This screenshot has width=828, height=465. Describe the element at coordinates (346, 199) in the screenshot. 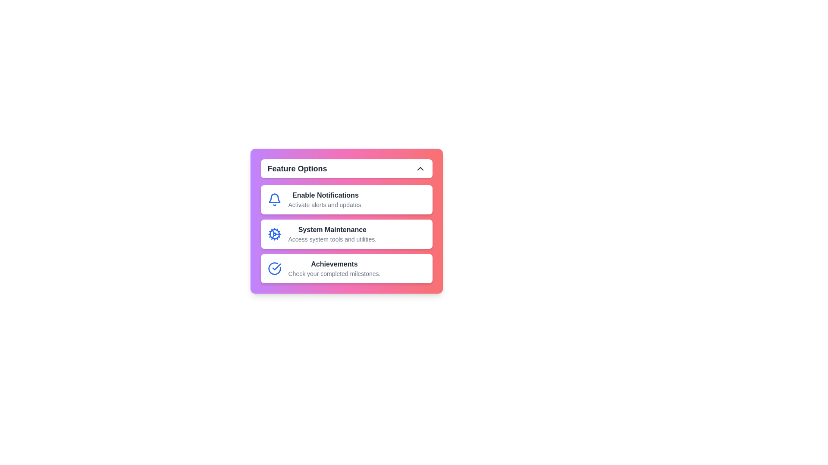

I see `the menu item Enable Notifications to view its hover effects` at that location.